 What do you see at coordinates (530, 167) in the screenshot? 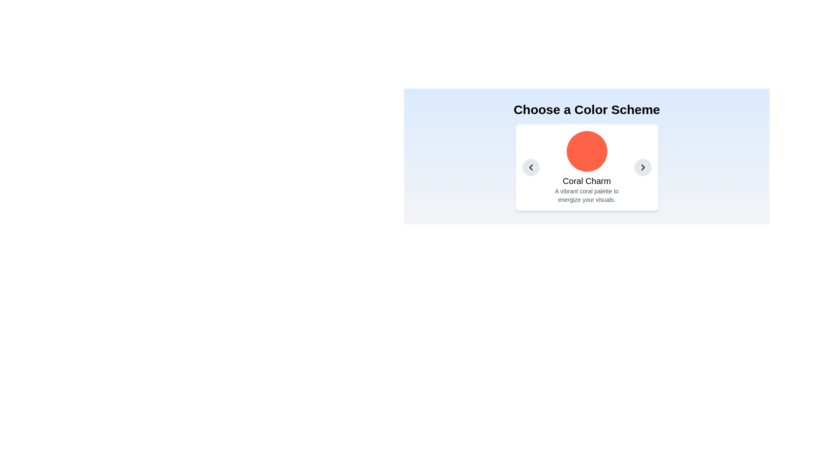
I see `the Left Arrow icon` at bounding box center [530, 167].